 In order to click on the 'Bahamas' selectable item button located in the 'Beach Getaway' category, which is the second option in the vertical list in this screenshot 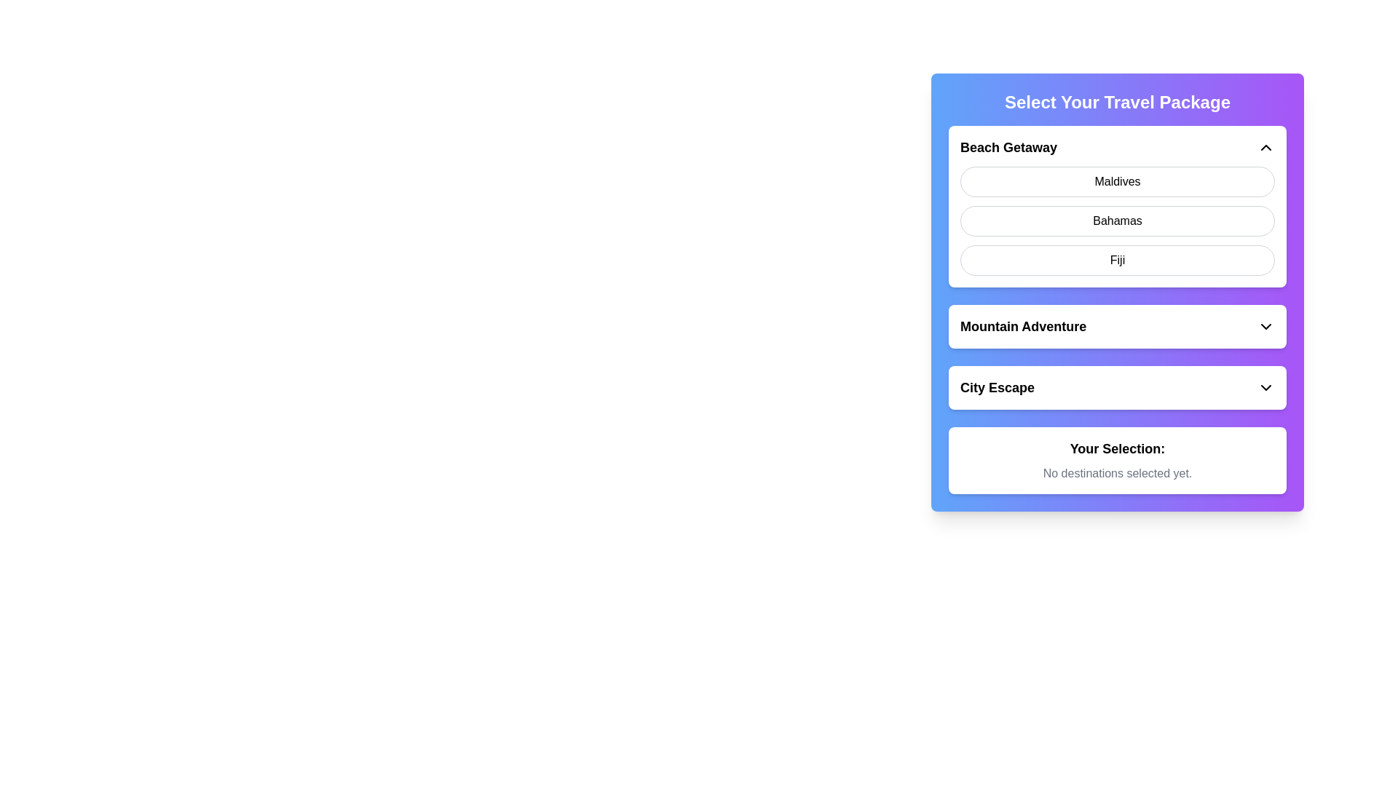, I will do `click(1117, 221)`.